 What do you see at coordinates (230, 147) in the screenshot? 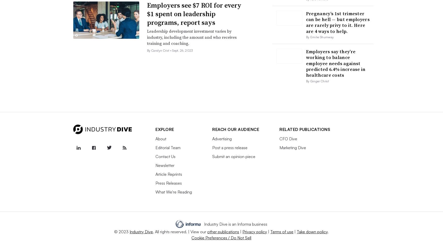
I see `'Post a press release'` at bounding box center [230, 147].